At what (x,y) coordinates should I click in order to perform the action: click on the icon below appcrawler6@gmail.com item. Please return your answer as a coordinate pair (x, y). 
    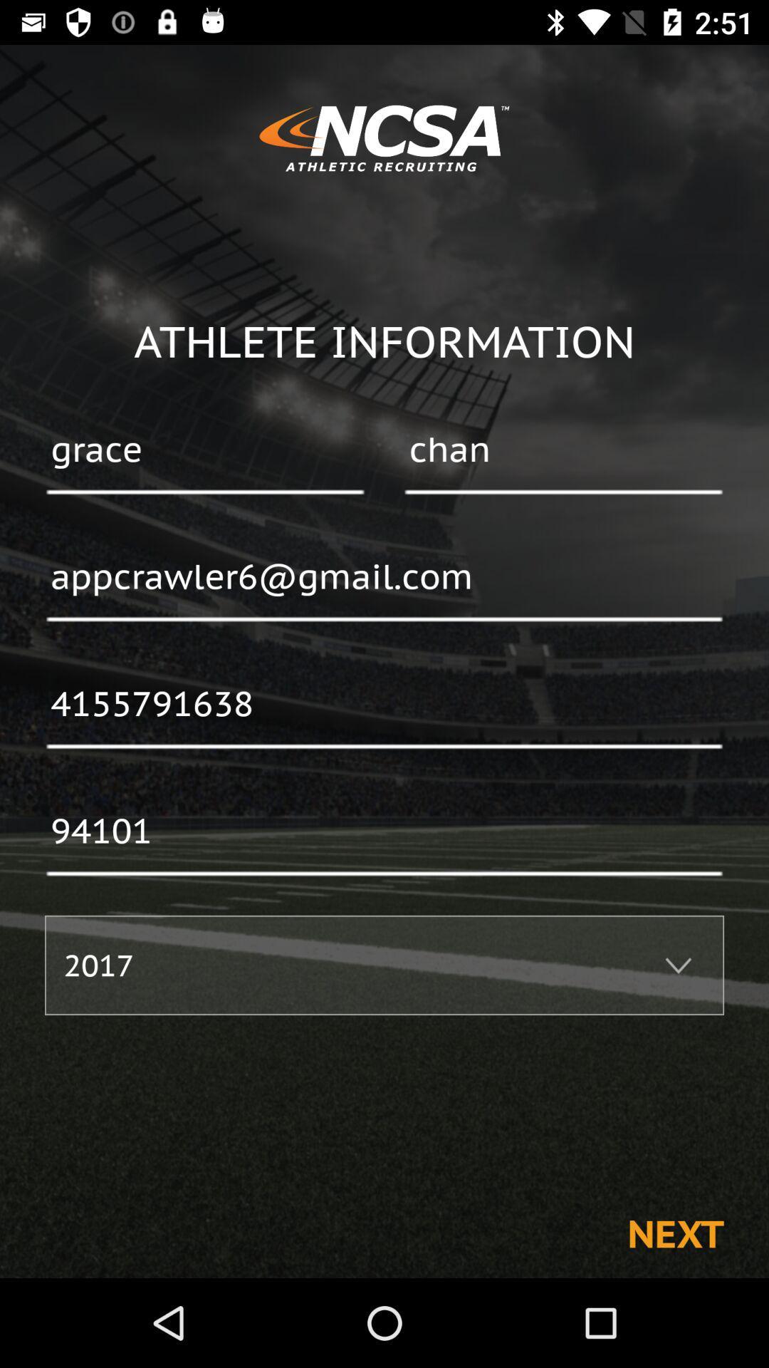
    Looking at the image, I should click on (384, 705).